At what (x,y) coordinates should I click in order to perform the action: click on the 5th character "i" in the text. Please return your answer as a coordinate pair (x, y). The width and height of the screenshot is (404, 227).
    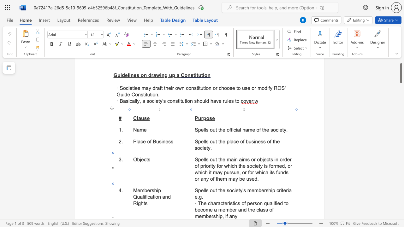
    Looking at the image, I should click on (219, 216).